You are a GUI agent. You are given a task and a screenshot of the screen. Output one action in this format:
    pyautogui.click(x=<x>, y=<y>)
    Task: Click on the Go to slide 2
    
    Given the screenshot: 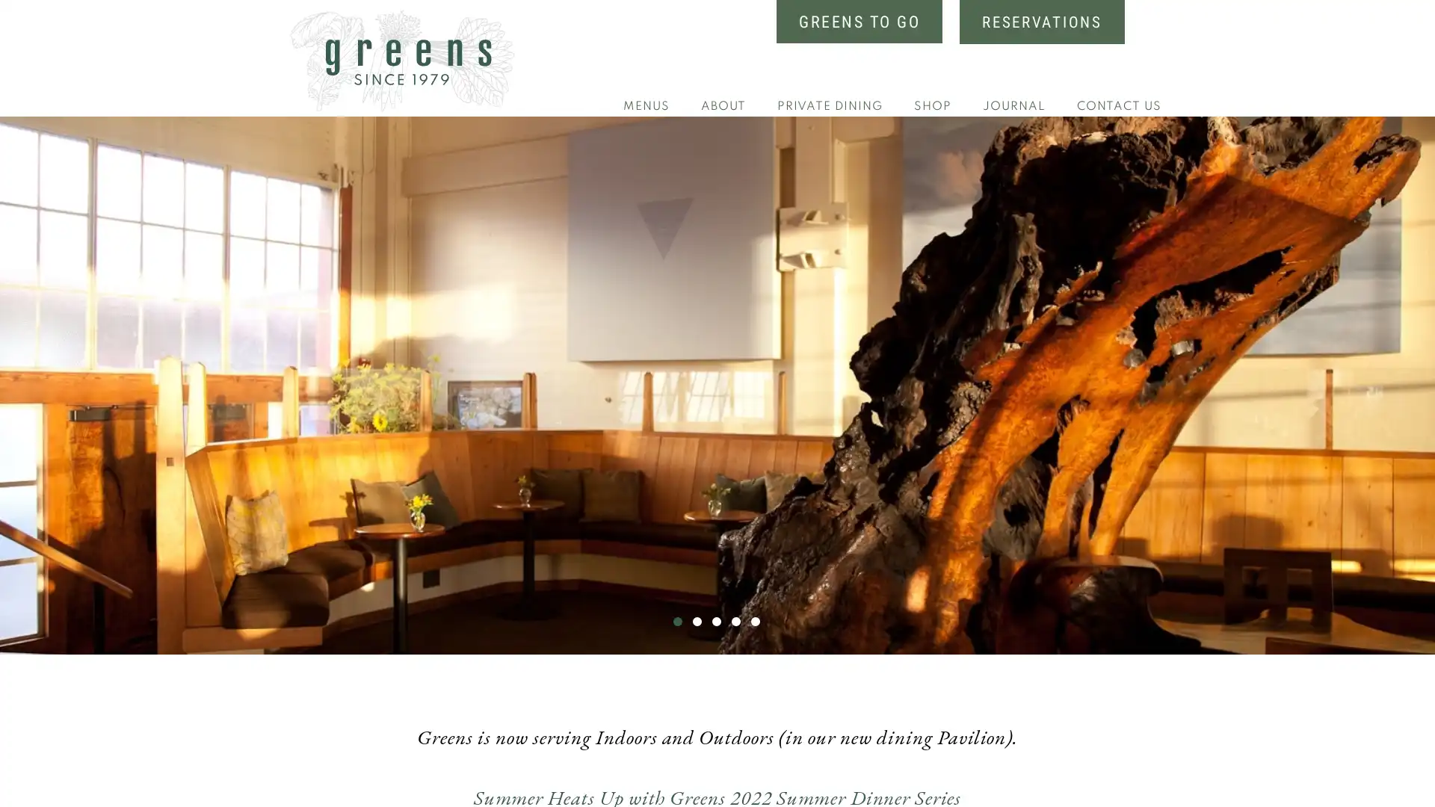 What is the action you would take?
    pyautogui.click(x=696, y=620)
    